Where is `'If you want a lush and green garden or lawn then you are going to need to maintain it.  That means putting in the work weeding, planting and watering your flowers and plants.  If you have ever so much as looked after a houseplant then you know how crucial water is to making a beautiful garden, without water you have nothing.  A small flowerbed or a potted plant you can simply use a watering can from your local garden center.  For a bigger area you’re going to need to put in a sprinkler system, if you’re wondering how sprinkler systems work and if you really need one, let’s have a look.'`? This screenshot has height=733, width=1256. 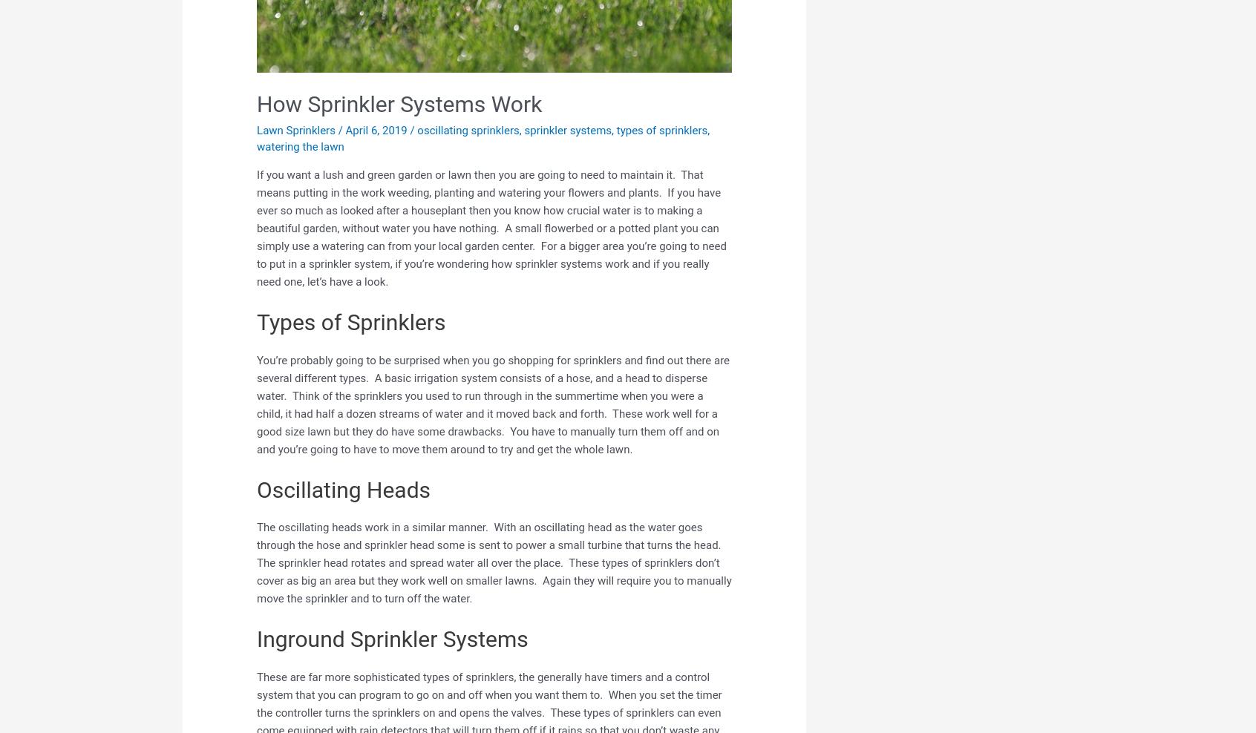 'If you want a lush and green garden or lawn then you are going to need to maintain it.  That means putting in the work weeding, planting and watering your flowers and plants.  If you have ever so much as looked after a houseplant then you know how crucial water is to making a beautiful garden, without water you have nothing.  A small flowerbed or a potted plant you can simply use a watering can from your local garden center.  For a bigger area you’re going to need to put in a sprinkler system, if you’re wondering how sprinkler systems work and if you really need one, let’s have a look.' is located at coordinates (256, 227).